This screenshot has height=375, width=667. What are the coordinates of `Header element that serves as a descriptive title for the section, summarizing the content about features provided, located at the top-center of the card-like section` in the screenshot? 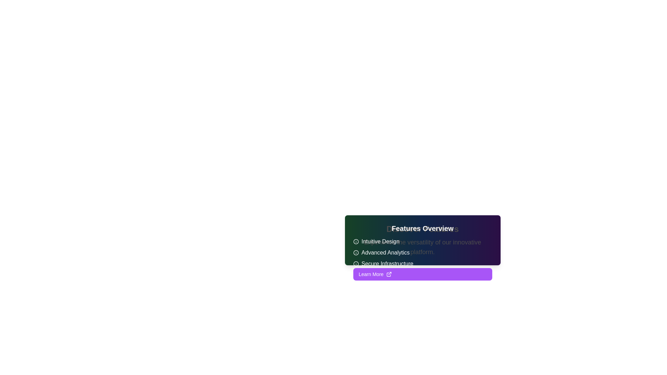 It's located at (422, 228).